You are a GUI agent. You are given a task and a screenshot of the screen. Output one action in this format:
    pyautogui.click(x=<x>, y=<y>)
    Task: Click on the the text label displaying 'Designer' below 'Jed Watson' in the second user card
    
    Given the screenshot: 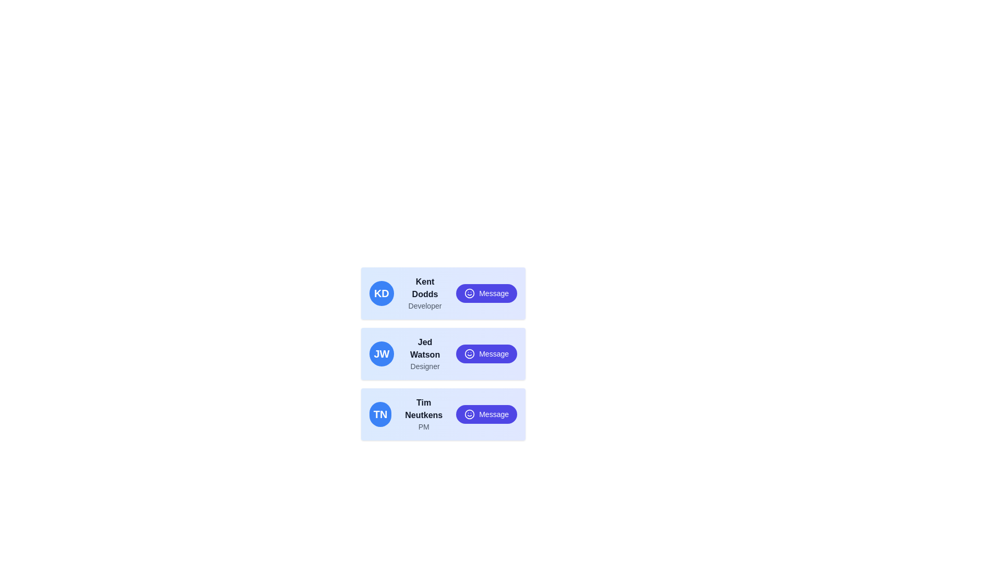 What is the action you would take?
    pyautogui.click(x=425, y=365)
    